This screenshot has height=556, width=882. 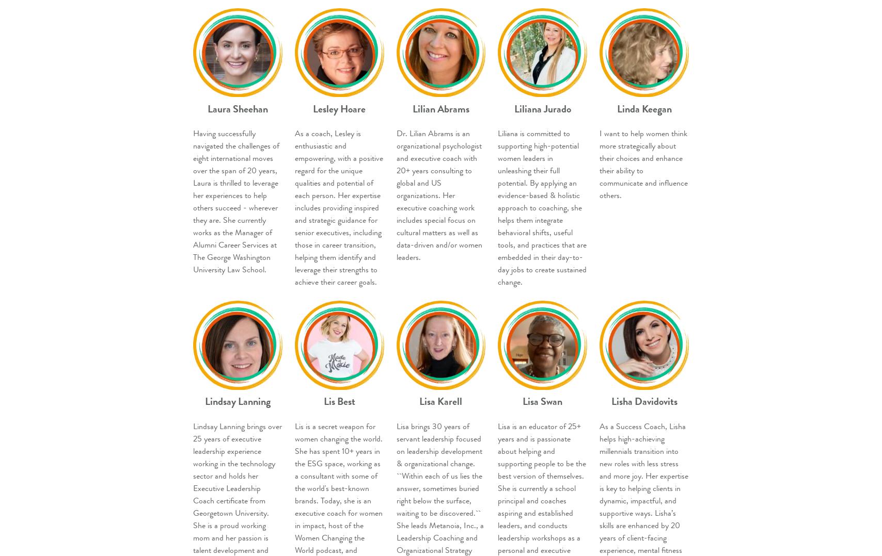 I want to click on 'Having successfully navigated the challenges of eight international moves over the span of 20 years, Laura is thrilled to leverage her experiences to help others succeed - wherever they are. She currently works as the Manager of Alumni Career Services at The George Washington University Law School.', so click(x=193, y=201).